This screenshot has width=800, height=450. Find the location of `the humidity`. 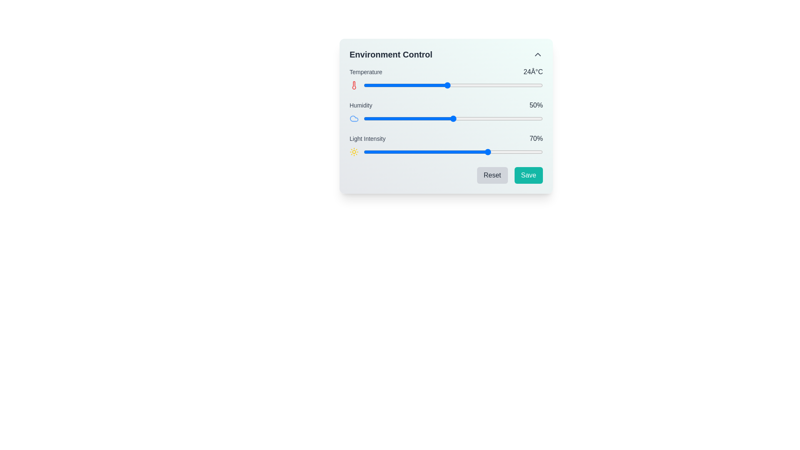

the humidity is located at coordinates (508, 119).